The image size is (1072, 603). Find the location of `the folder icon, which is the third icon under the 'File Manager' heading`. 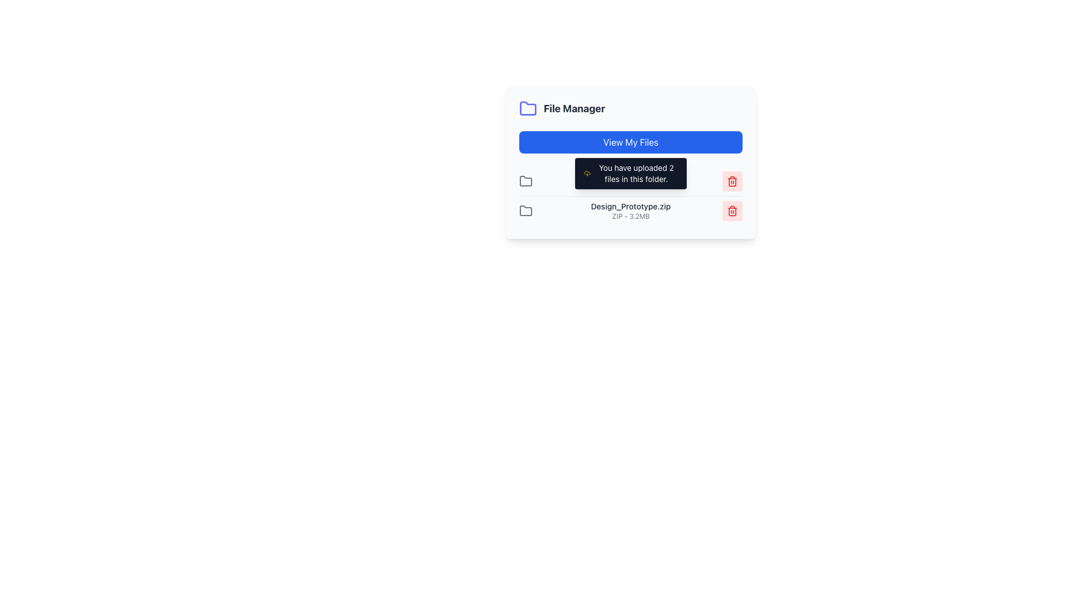

the folder icon, which is the third icon under the 'File Manager' heading is located at coordinates (525, 210).